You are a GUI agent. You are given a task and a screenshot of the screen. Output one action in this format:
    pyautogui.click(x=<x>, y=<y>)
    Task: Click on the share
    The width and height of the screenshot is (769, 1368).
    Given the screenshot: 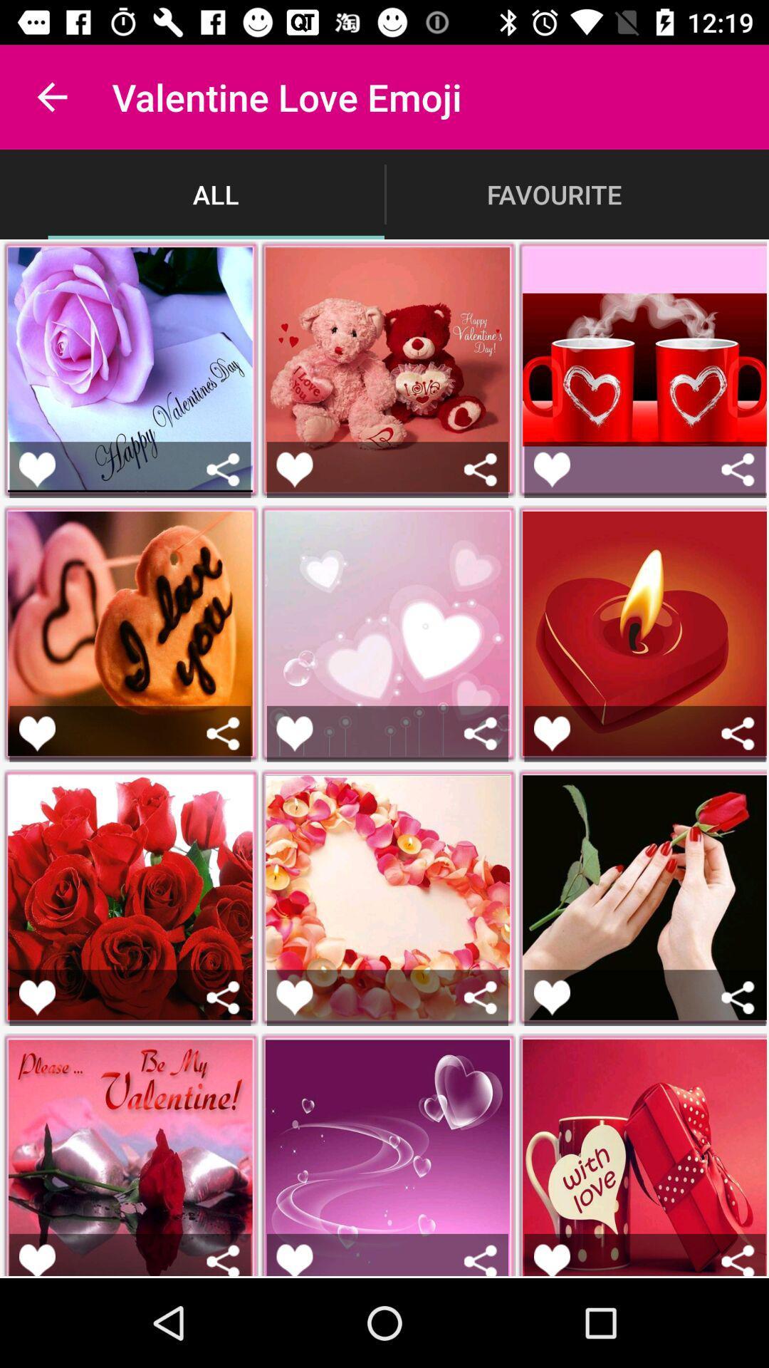 What is the action you would take?
    pyautogui.click(x=223, y=470)
    